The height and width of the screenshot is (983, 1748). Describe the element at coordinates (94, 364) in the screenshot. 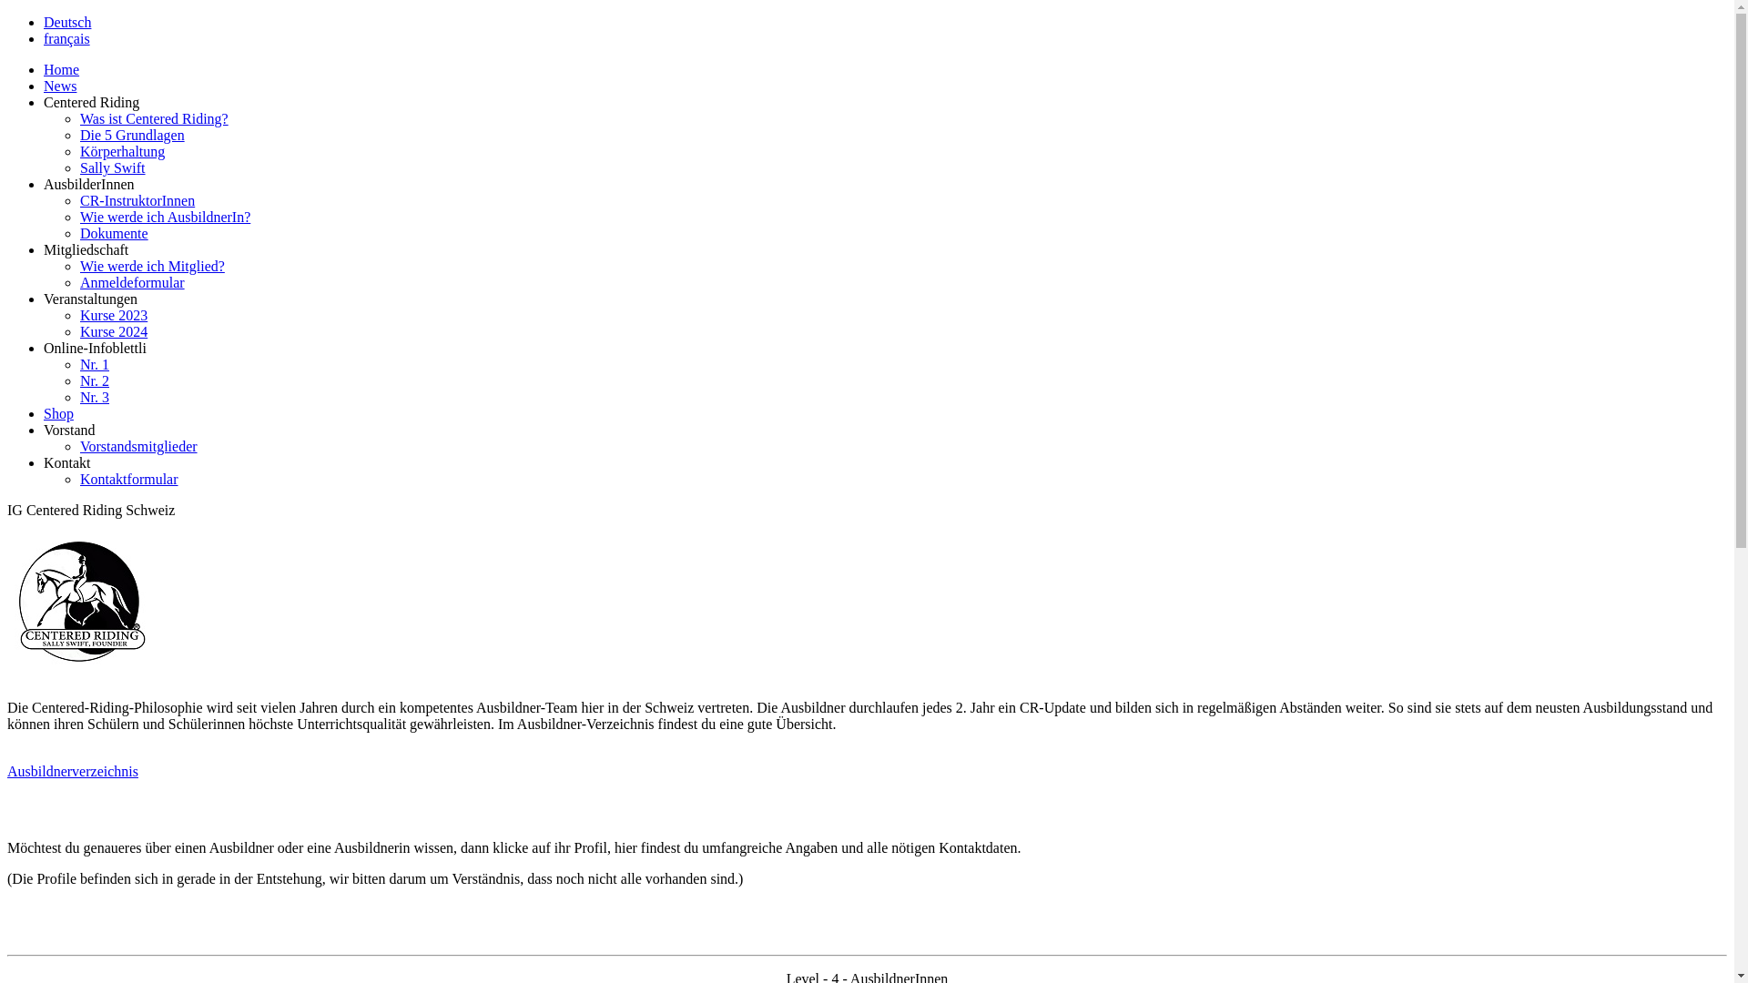

I see `'Nr. 1'` at that location.